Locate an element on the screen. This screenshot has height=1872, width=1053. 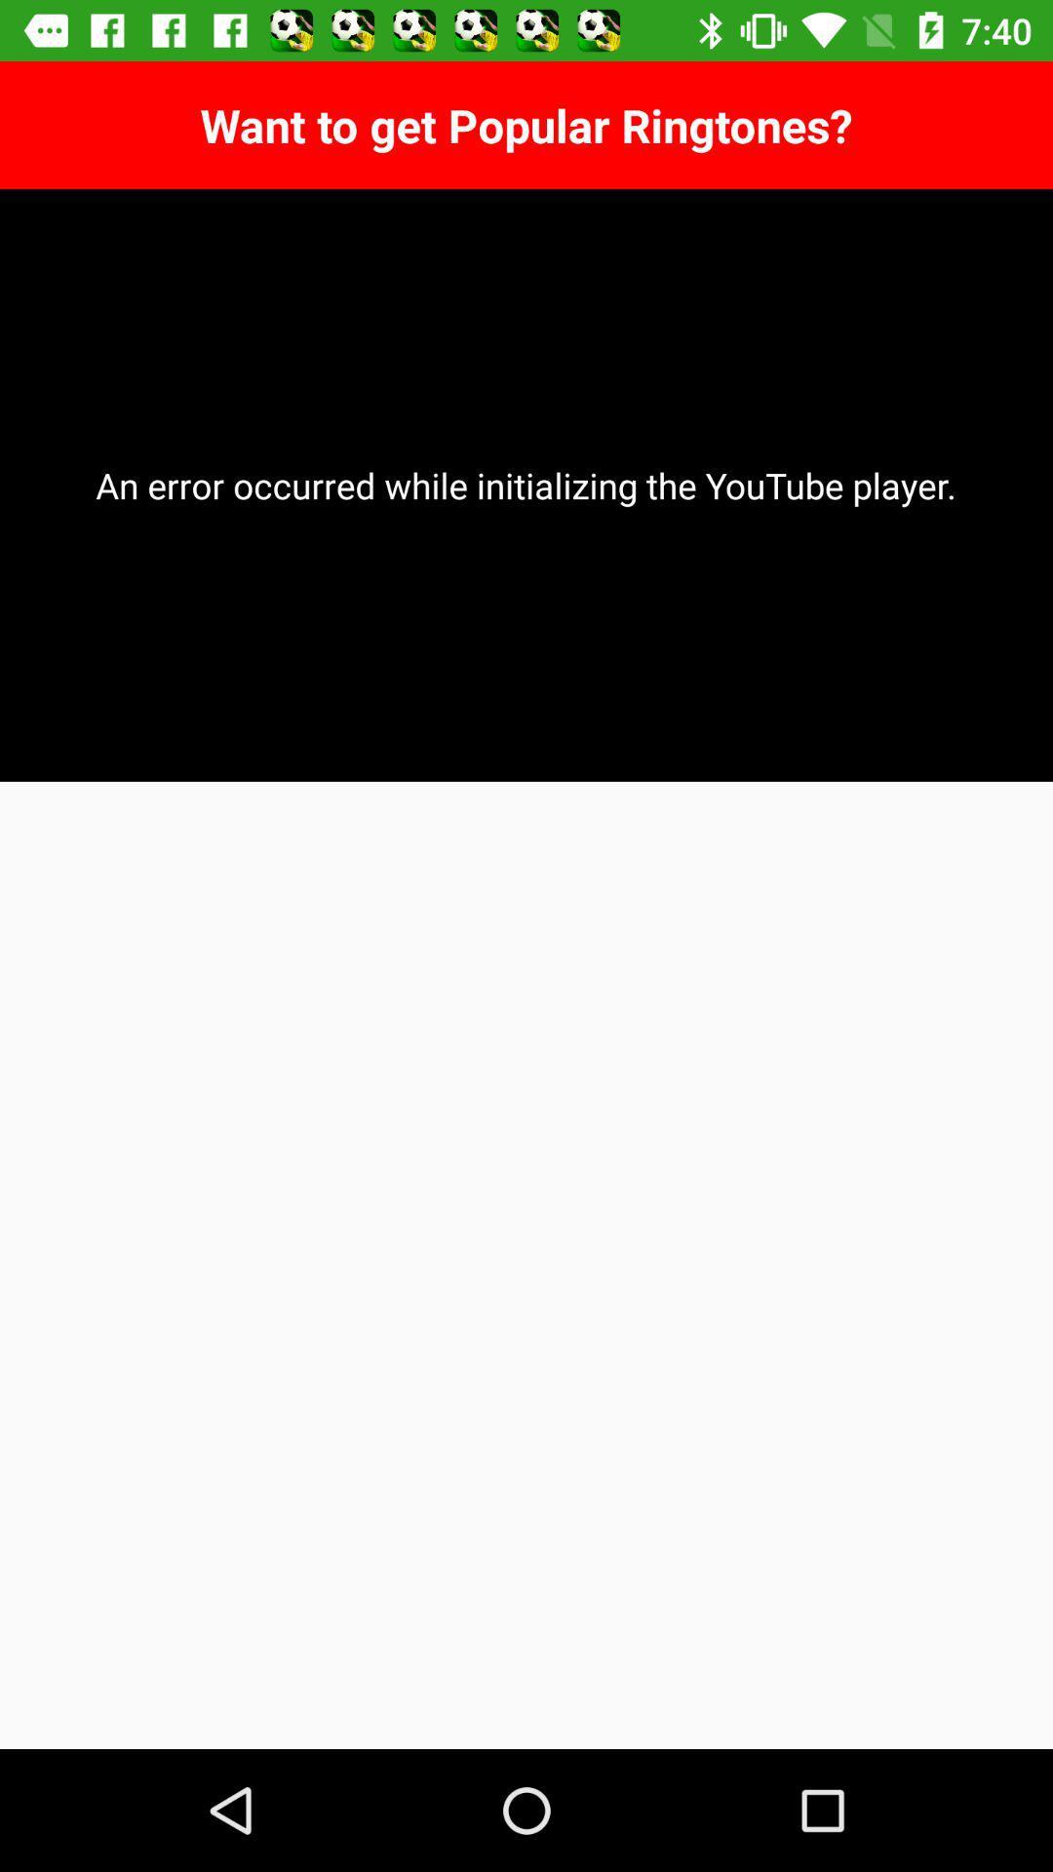
the app above the an error occurred is located at coordinates (526, 124).